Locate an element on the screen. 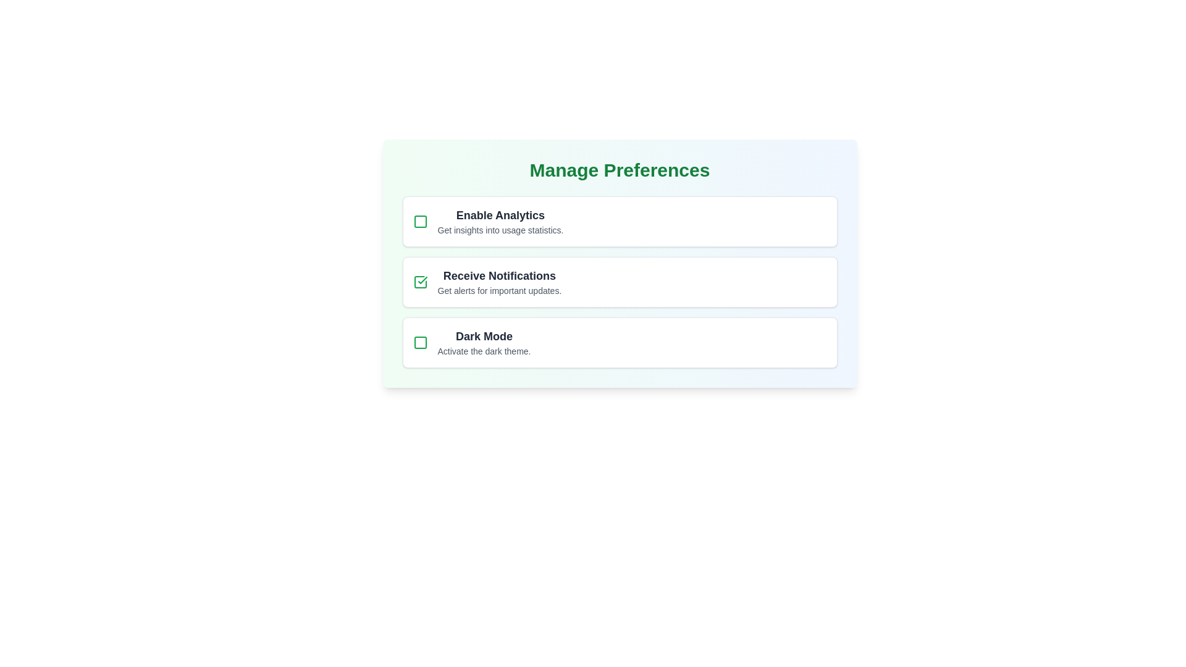  the text label that says 'Activate the dark theme.' which is styled with a gray font and positioned beneath the 'Dark Mode' heading in the preferences panel is located at coordinates (483, 351).